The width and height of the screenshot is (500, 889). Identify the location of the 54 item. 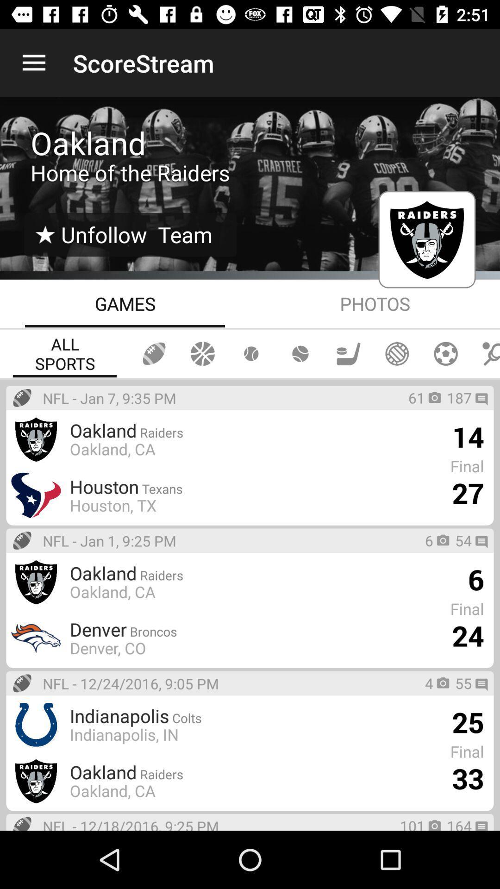
(463, 540).